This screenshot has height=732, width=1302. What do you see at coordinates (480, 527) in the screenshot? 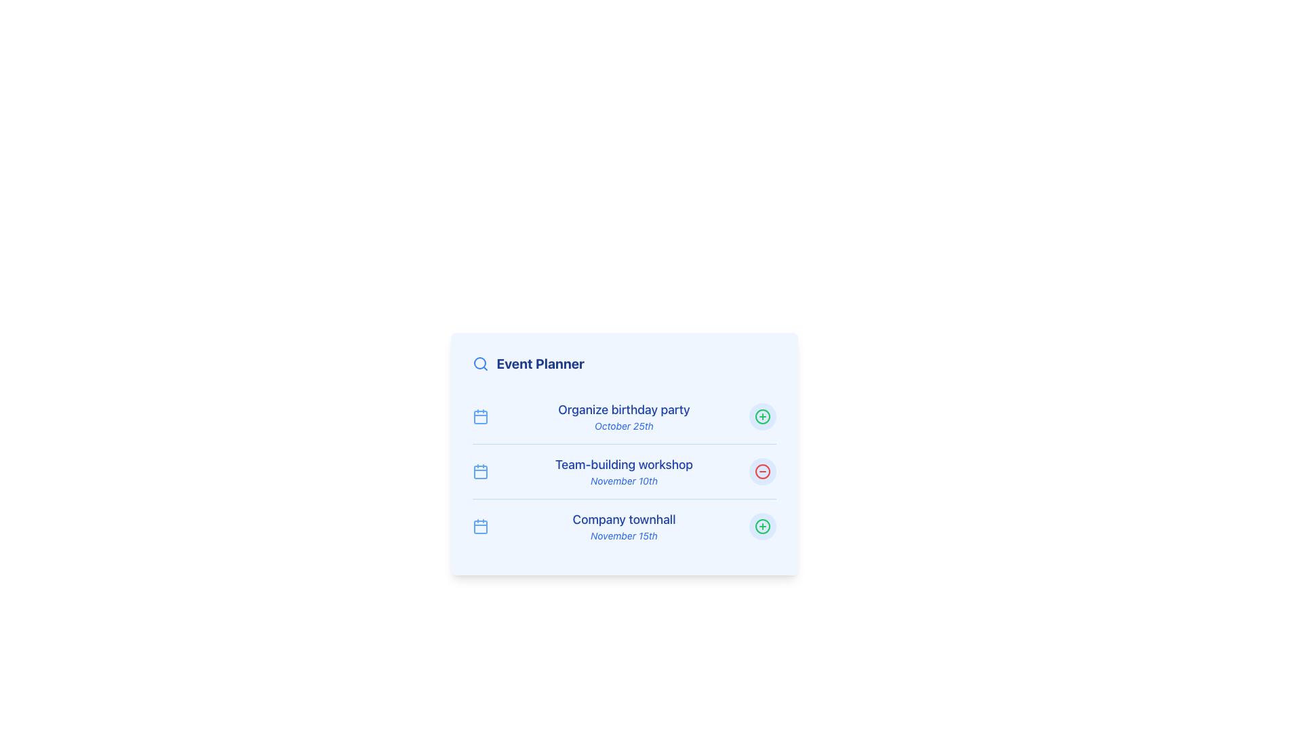
I see `the decorative shape within the SVG that visually represents the third calendar icon for the 'Company townhall' event` at bounding box center [480, 527].